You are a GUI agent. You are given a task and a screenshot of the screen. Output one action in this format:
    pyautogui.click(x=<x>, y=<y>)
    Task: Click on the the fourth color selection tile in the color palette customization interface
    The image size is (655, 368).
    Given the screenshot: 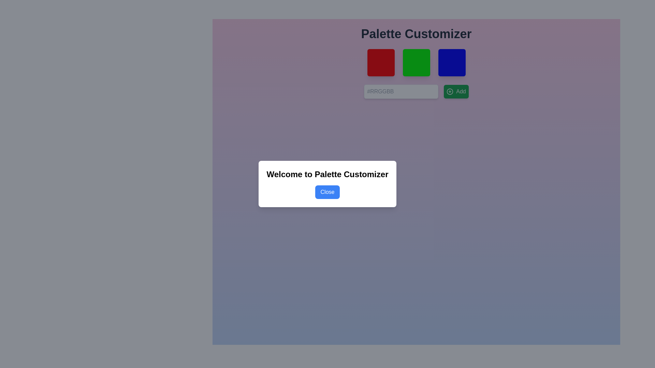 What is the action you would take?
    pyautogui.click(x=452, y=63)
    